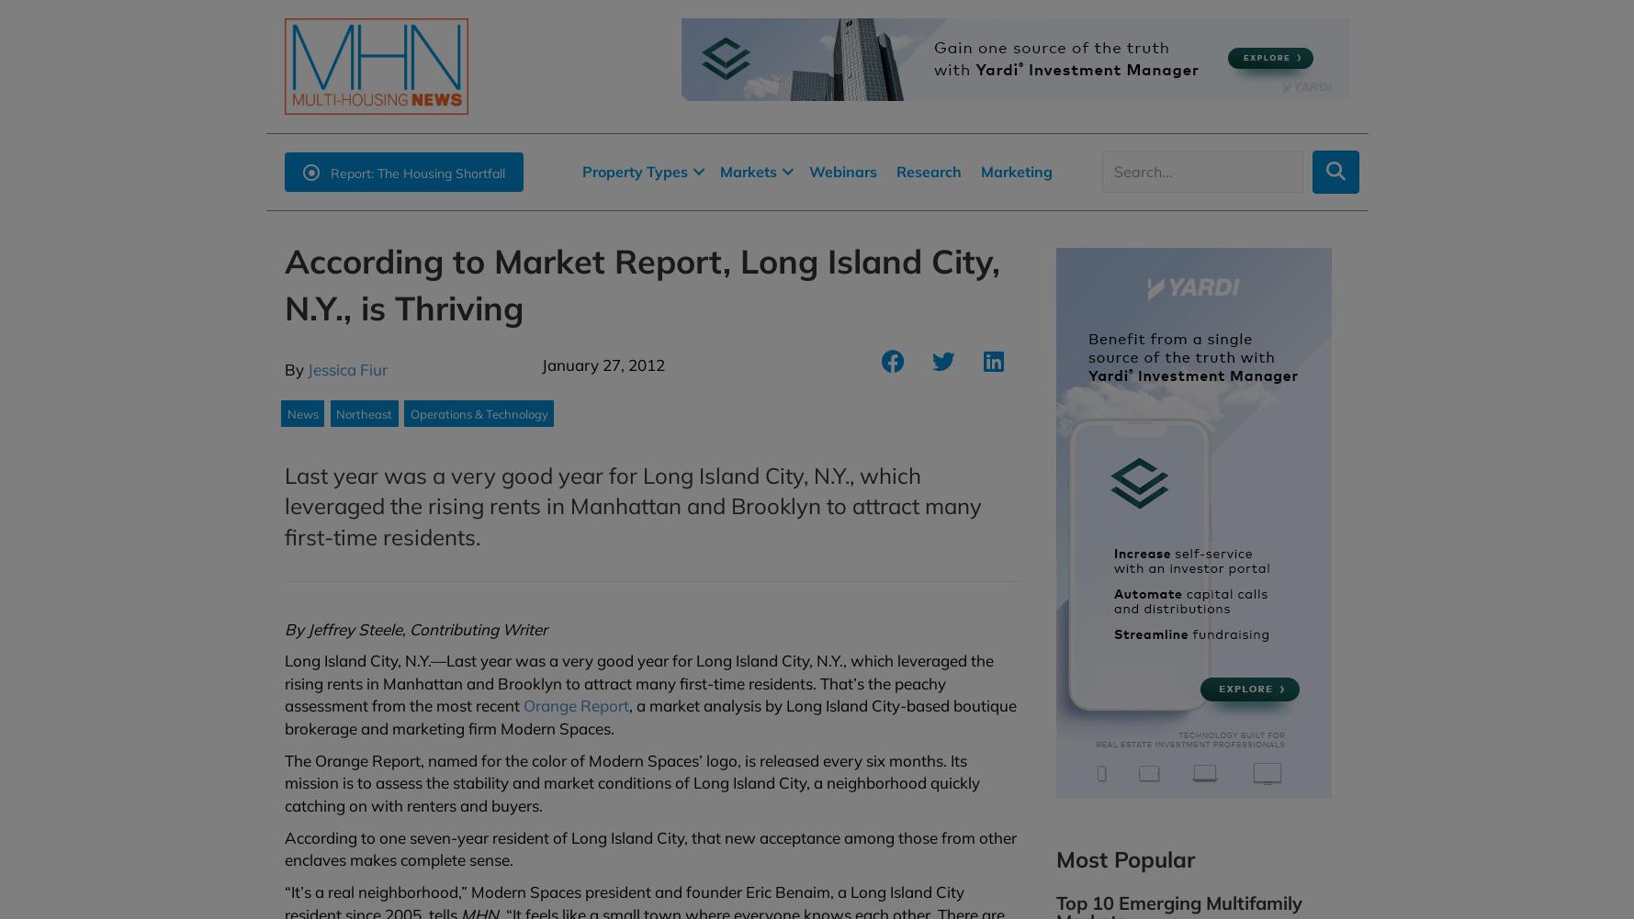  What do you see at coordinates (841, 171) in the screenshot?
I see `'Webinars'` at bounding box center [841, 171].